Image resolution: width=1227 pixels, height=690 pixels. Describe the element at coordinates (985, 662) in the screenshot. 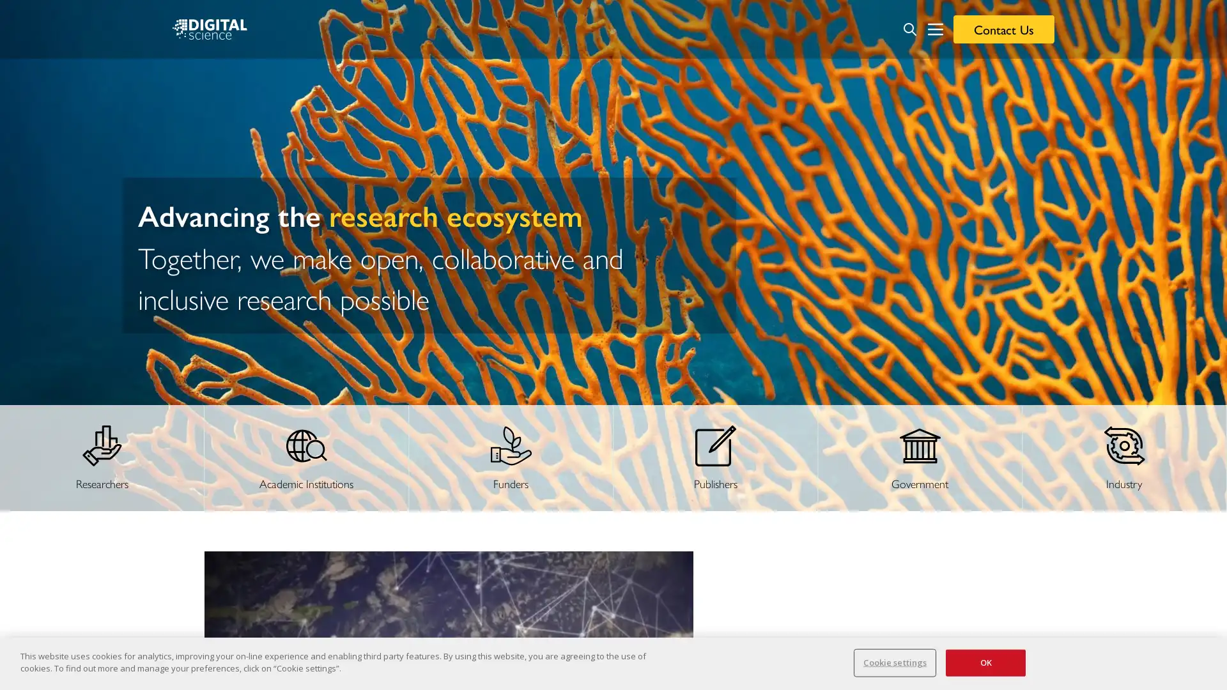

I see `OK` at that location.